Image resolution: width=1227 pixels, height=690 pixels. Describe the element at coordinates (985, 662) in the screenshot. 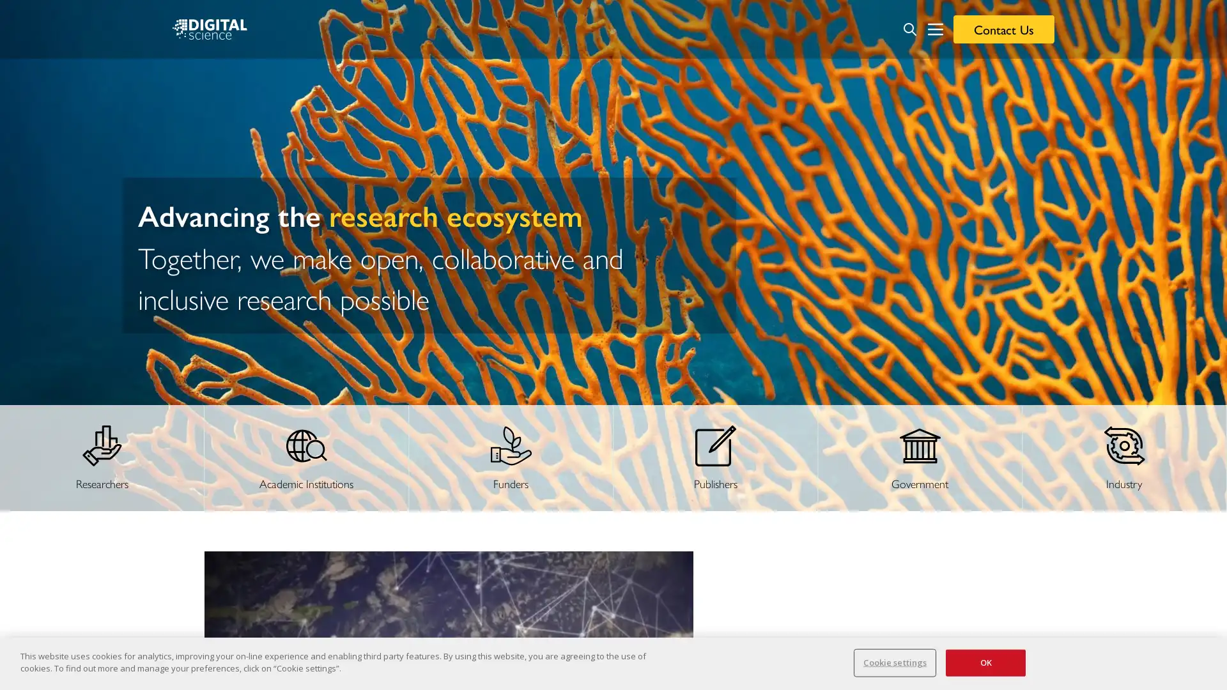

I see `OK` at that location.